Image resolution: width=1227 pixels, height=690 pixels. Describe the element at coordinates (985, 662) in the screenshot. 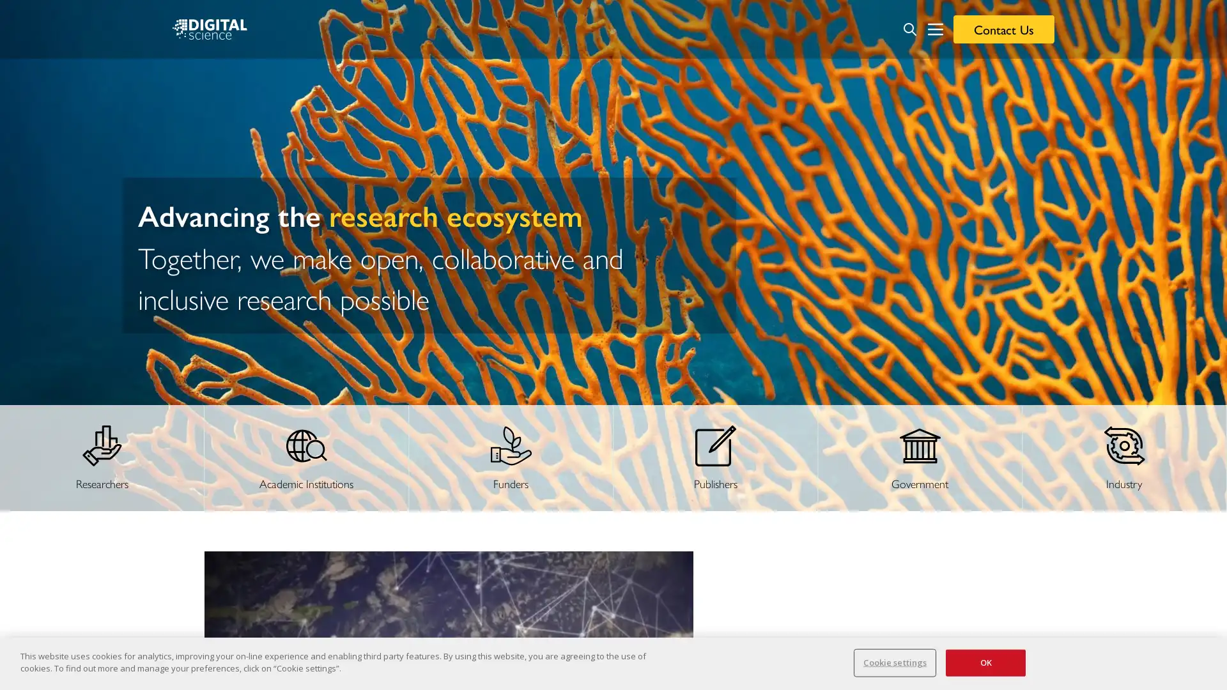

I see `OK` at that location.